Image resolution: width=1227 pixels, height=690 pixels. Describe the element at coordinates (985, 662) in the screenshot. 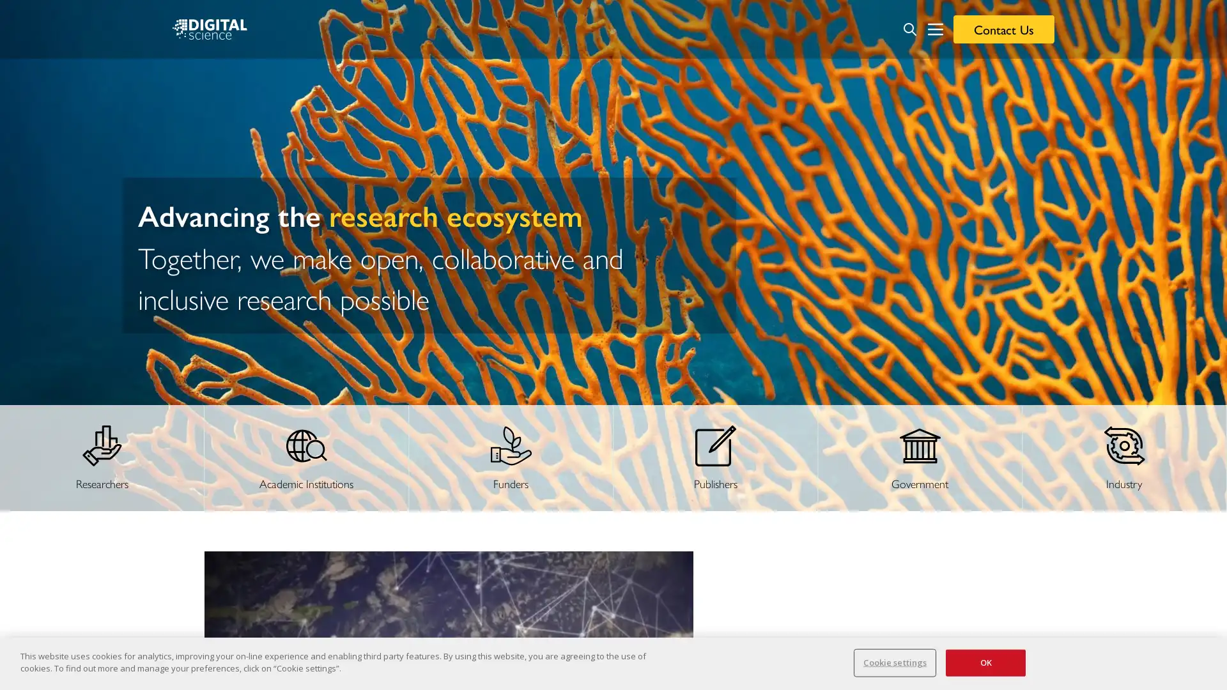

I see `OK` at that location.